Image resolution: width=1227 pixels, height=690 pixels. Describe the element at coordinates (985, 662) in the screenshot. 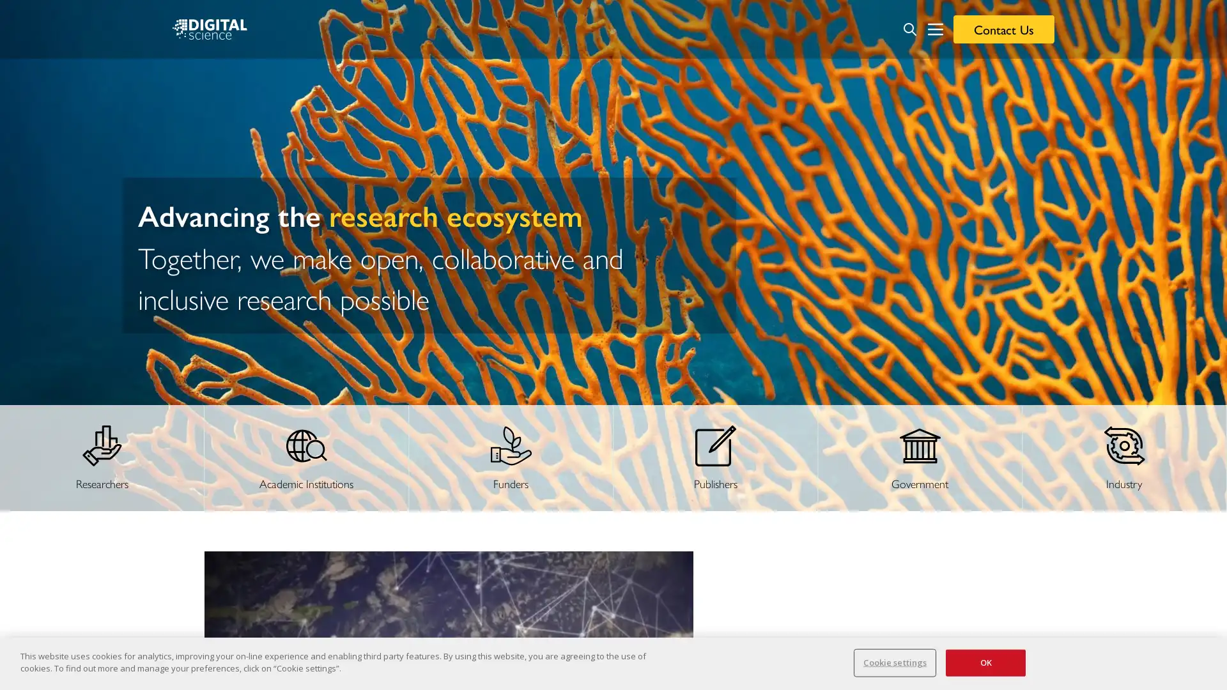

I see `OK` at that location.